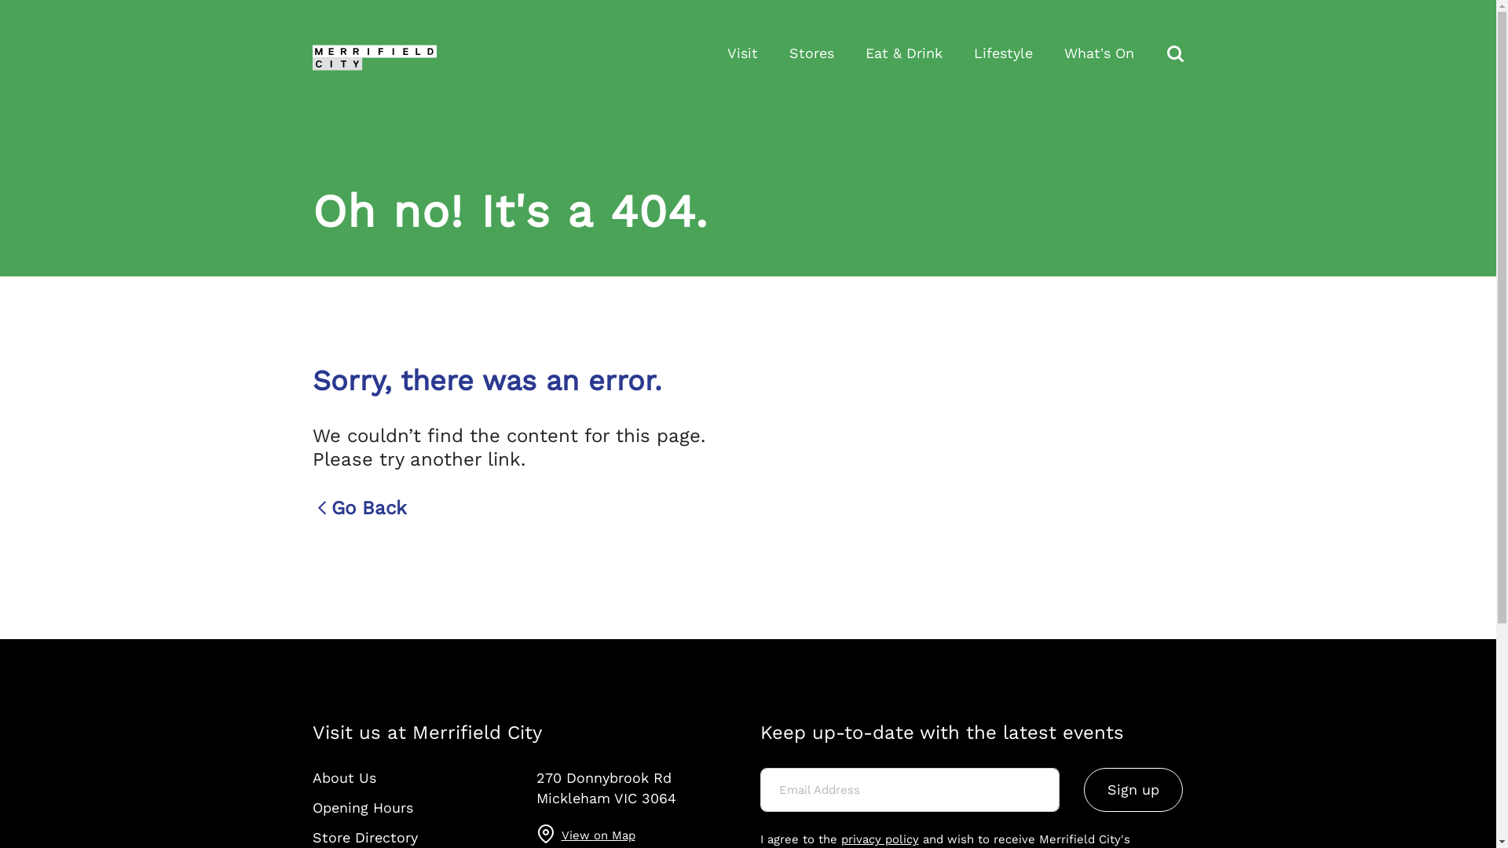 This screenshot has width=1508, height=848. What do you see at coordinates (904, 53) in the screenshot?
I see `'Eat & Drink'` at bounding box center [904, 53].